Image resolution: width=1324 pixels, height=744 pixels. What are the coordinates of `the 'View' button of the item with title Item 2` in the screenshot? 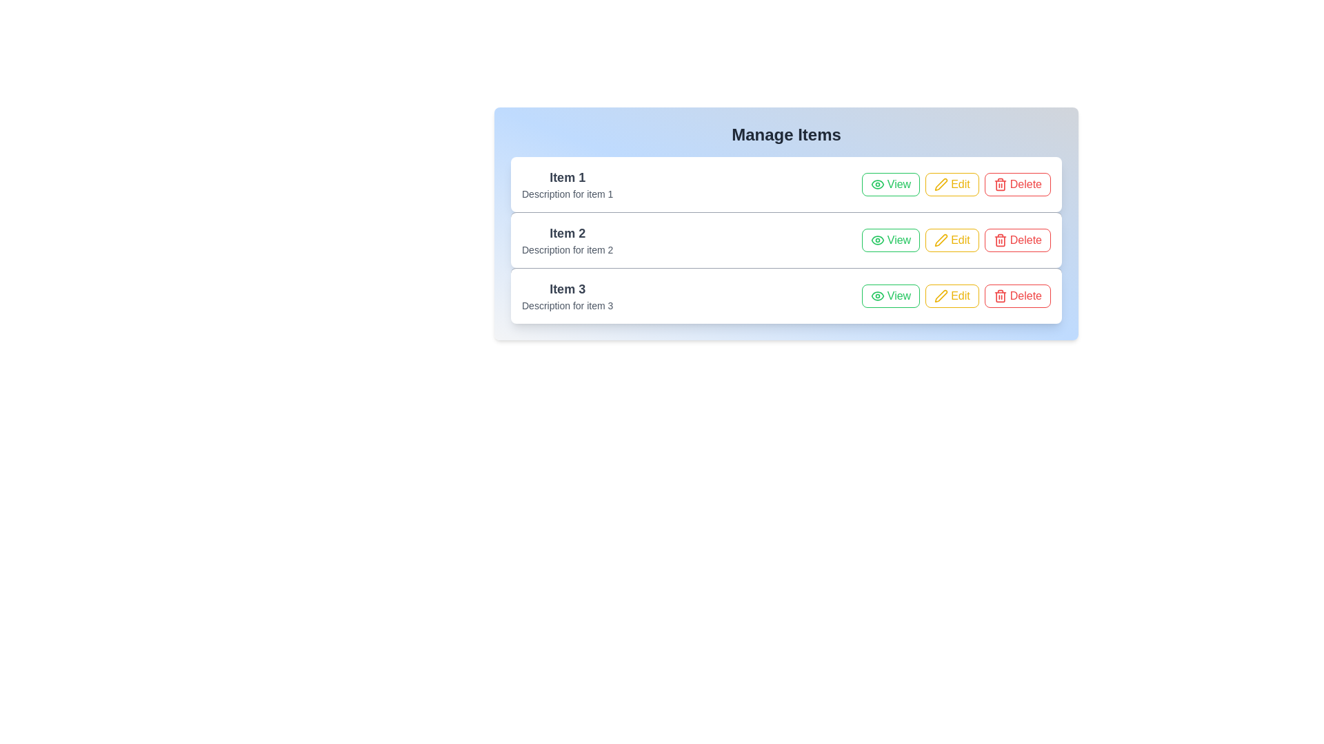 It's located at (890, 239).